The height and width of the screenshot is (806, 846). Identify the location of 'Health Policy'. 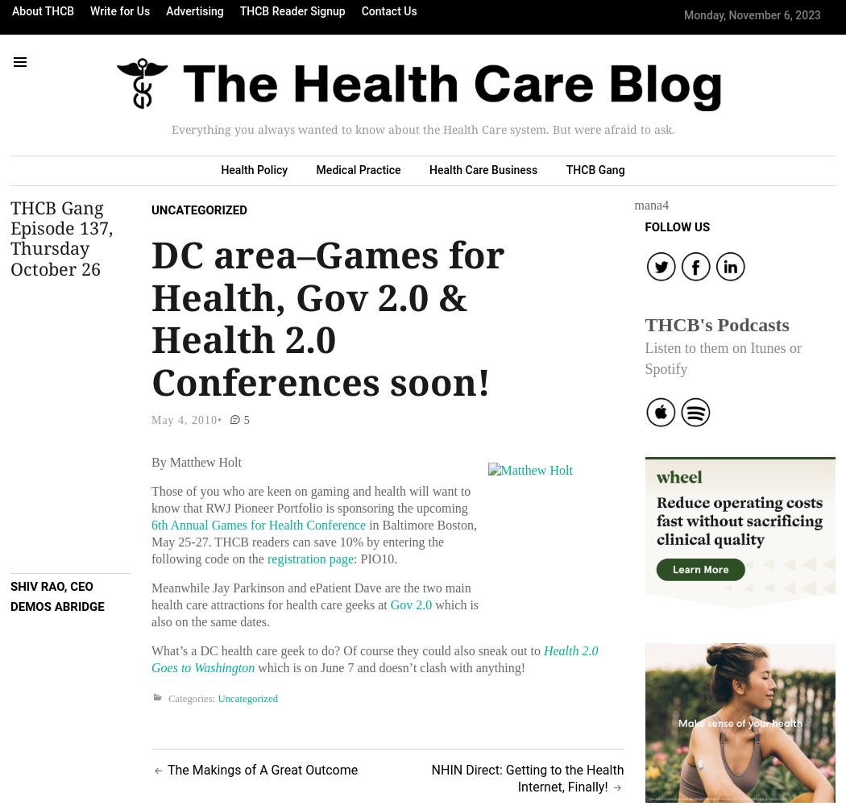
(254, 169).